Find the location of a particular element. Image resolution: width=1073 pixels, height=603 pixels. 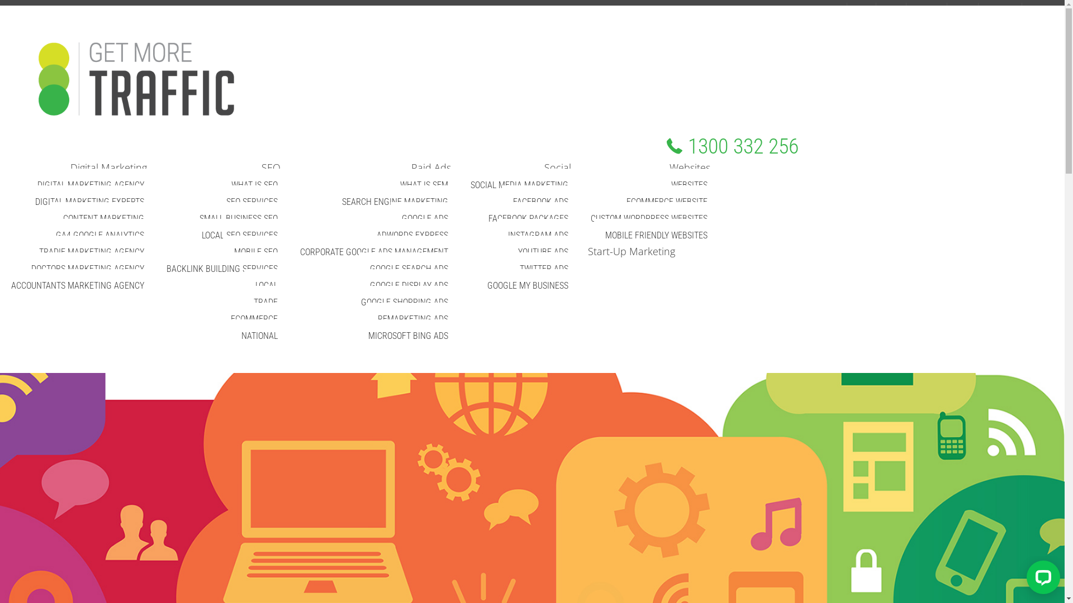

'GA4 GOOGLE ANALYTICS' is located at coordinates (99, 234).